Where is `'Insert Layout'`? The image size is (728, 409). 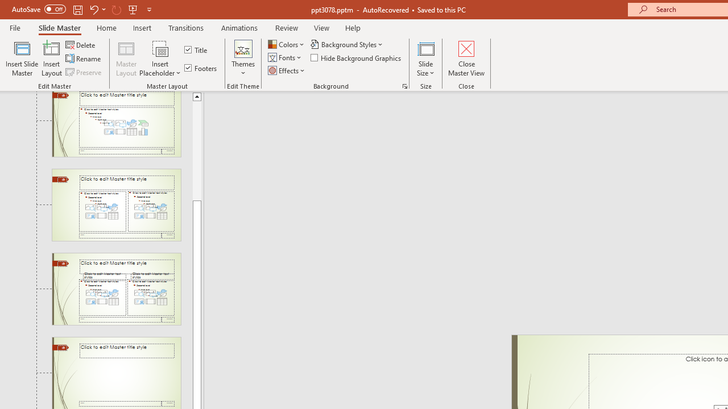 'Insert Layout' is located at coordinates (51, 59).